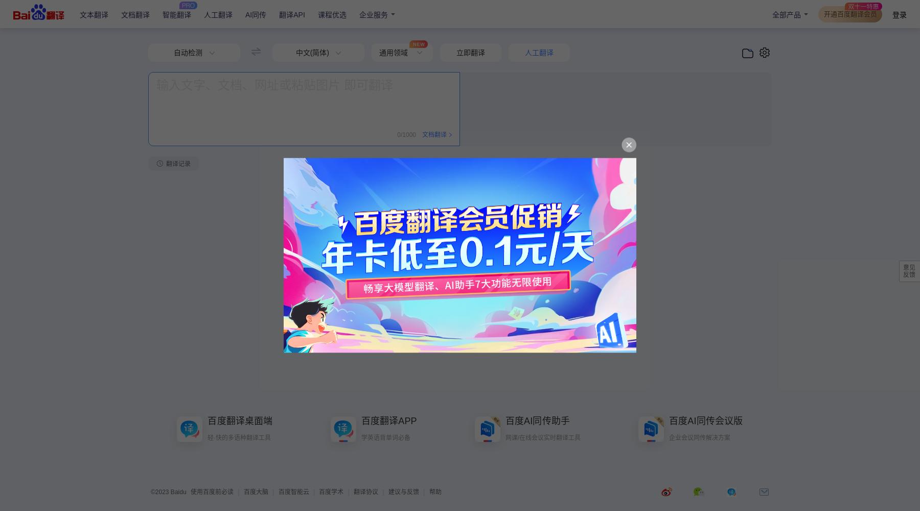 The height and width of the screenshot is (511, 920). I want to click on '1000', so click(409, 135).